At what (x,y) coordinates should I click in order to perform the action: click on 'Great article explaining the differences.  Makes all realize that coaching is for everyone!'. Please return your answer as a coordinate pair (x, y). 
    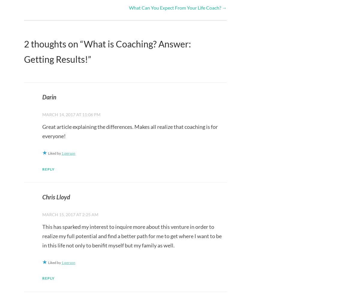
    Looking at the image, I should click on (130, 131).